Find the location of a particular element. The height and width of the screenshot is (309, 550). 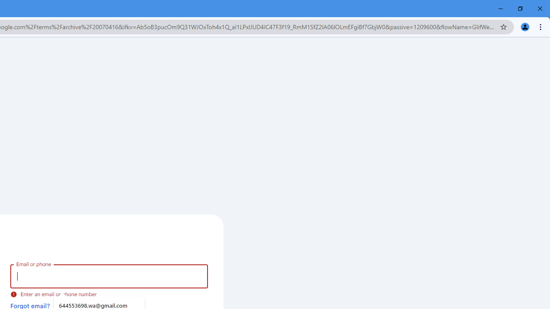

'Email or phone' is located at coordinates (109, 276).